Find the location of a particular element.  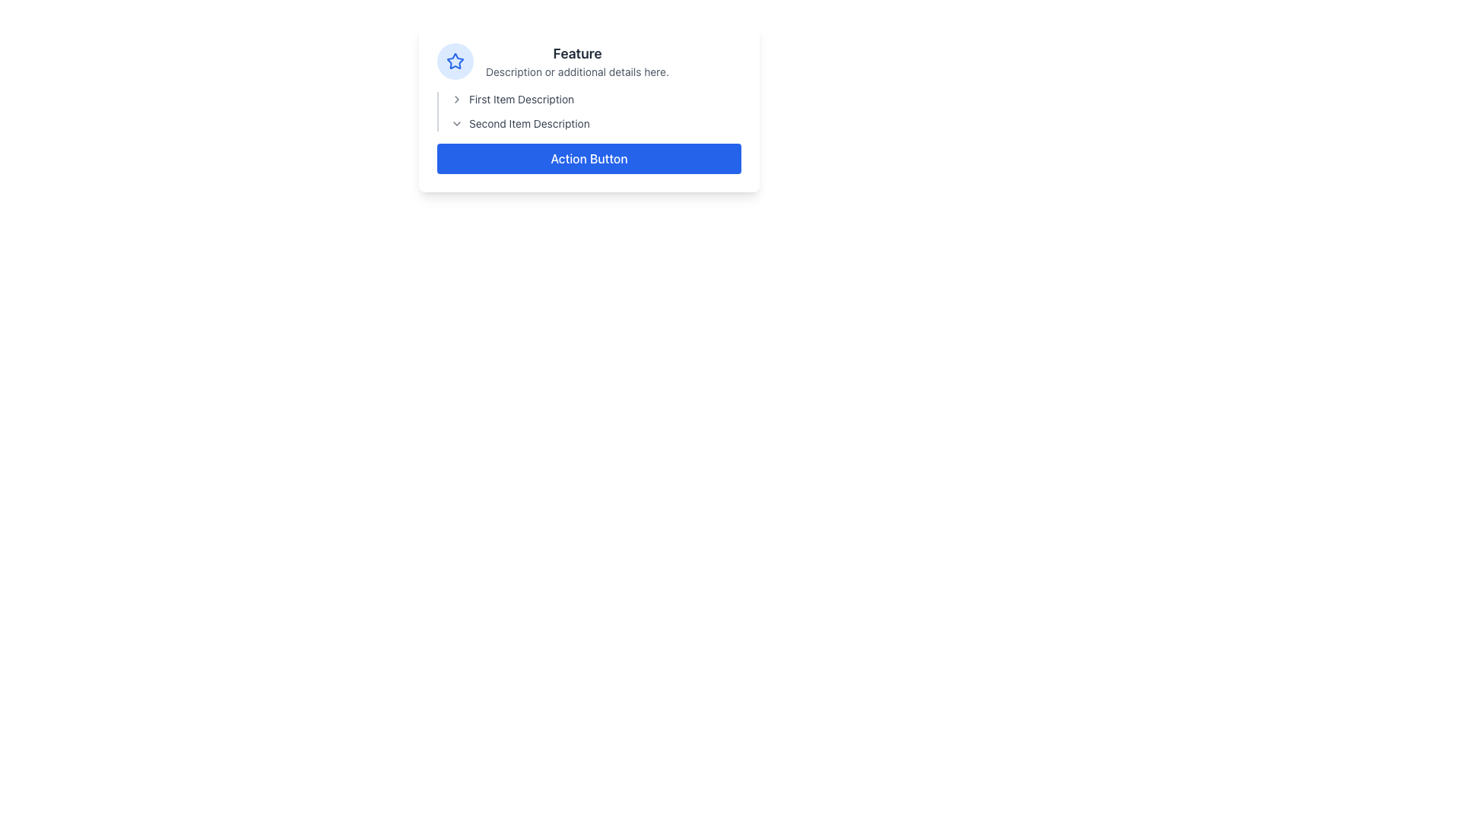

the text label displaying 'Second Item Description' in gray font, which is part of a collapsible list structure, positioned below 'First Item Description' is located at coordinates (529, 122).